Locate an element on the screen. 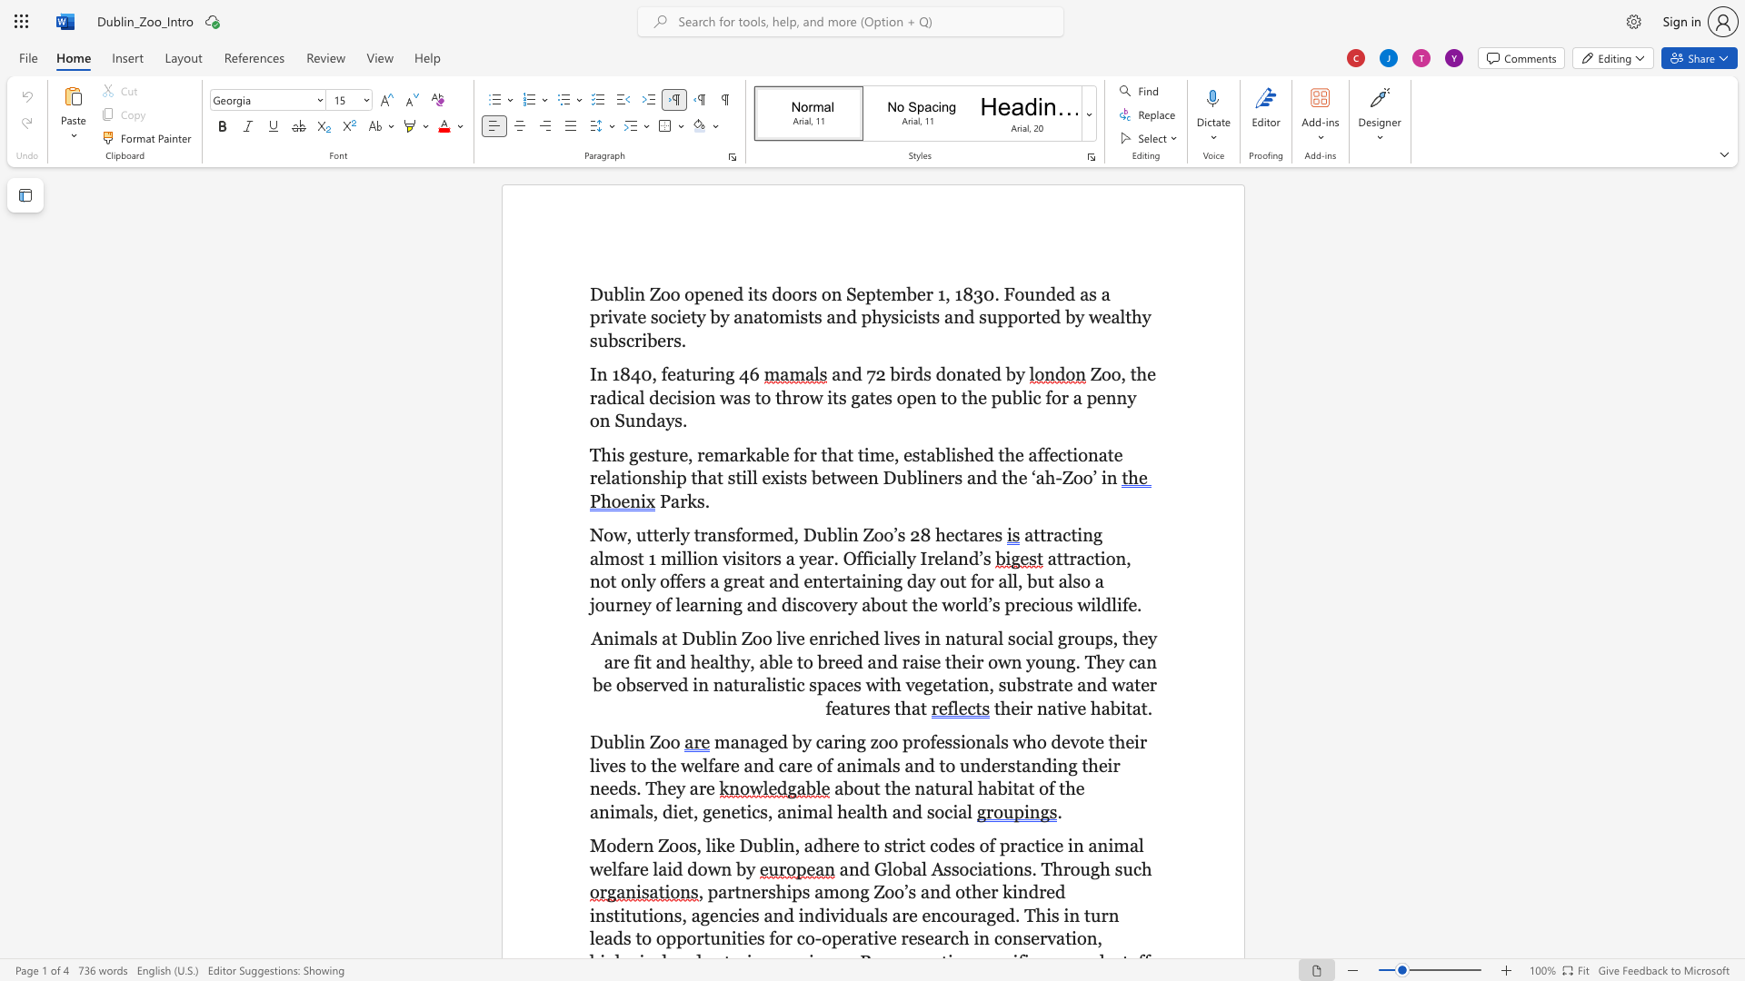 The height and width of the screenshot is (981, 1745). the 1th character "y" in the text is located at coordinates (683, 534).